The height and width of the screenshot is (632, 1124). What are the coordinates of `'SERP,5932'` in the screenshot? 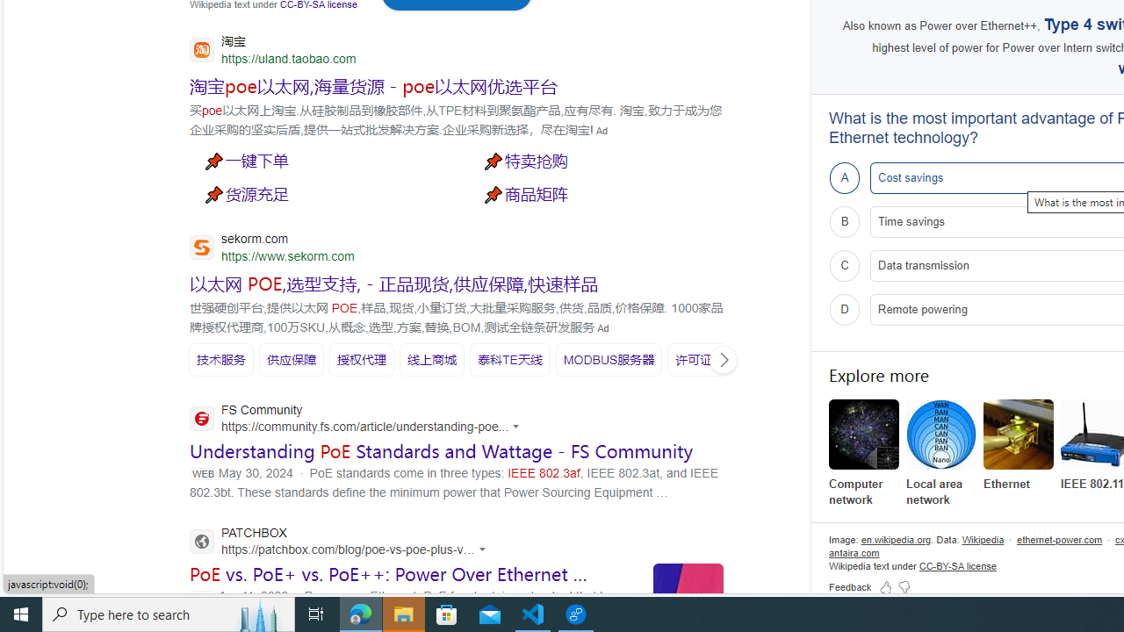 It's located at (706, 358).